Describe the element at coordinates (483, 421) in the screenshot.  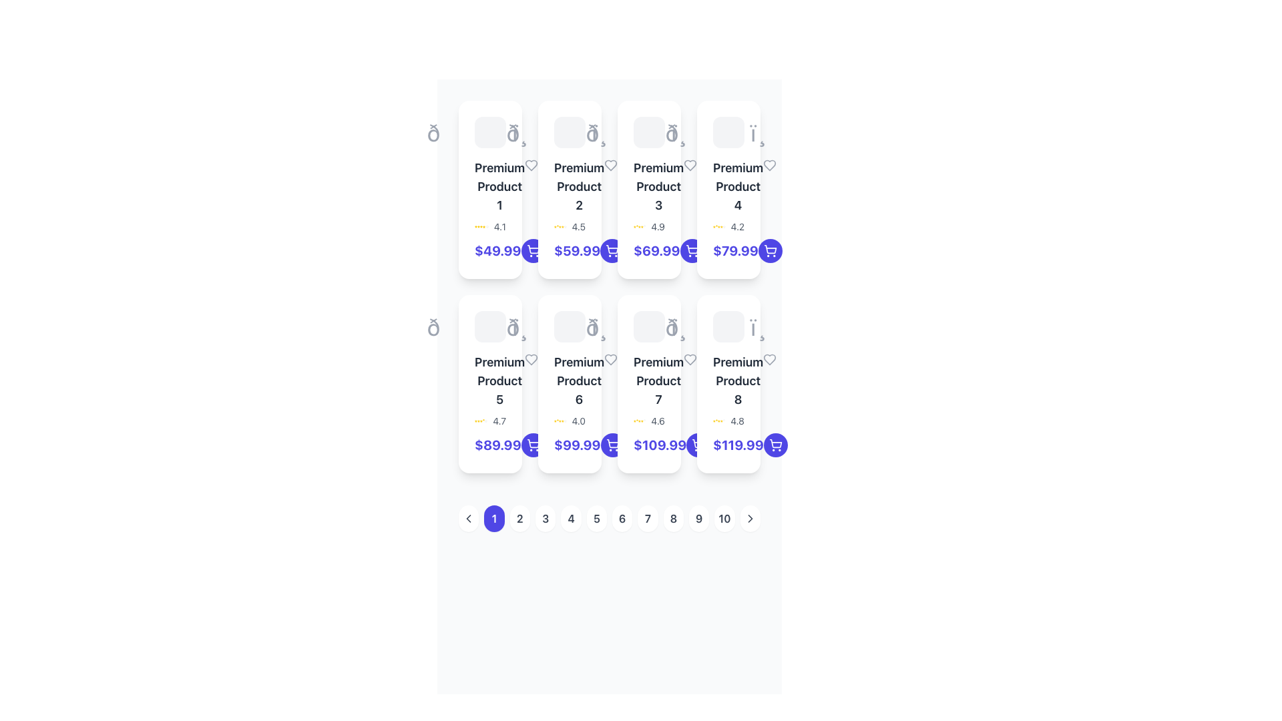
I see `the sixth yellow star icon used for rating purposes, which represents a numerical rating of '4.7' for the product` at that location.